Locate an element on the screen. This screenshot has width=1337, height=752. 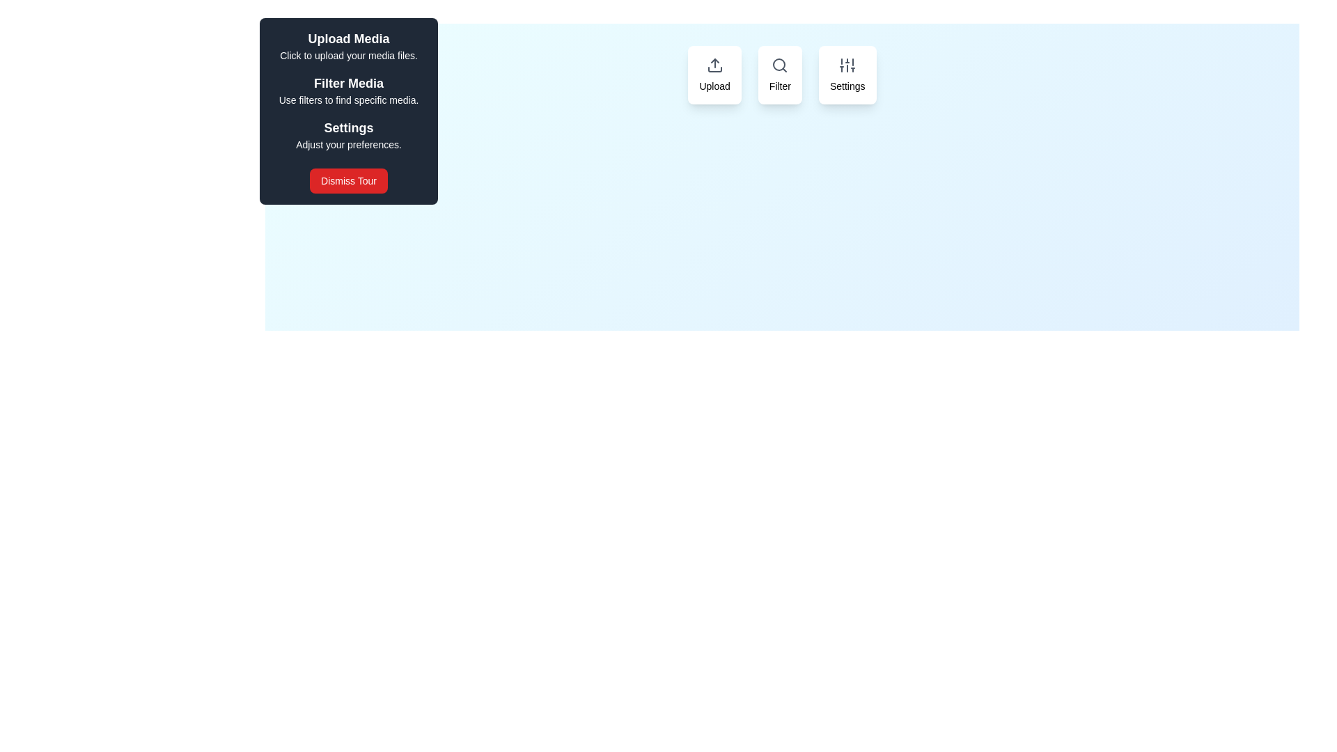
the middle button in the horizontal group of three buttons at the top center of the interface is located at coordinates (779, 75).